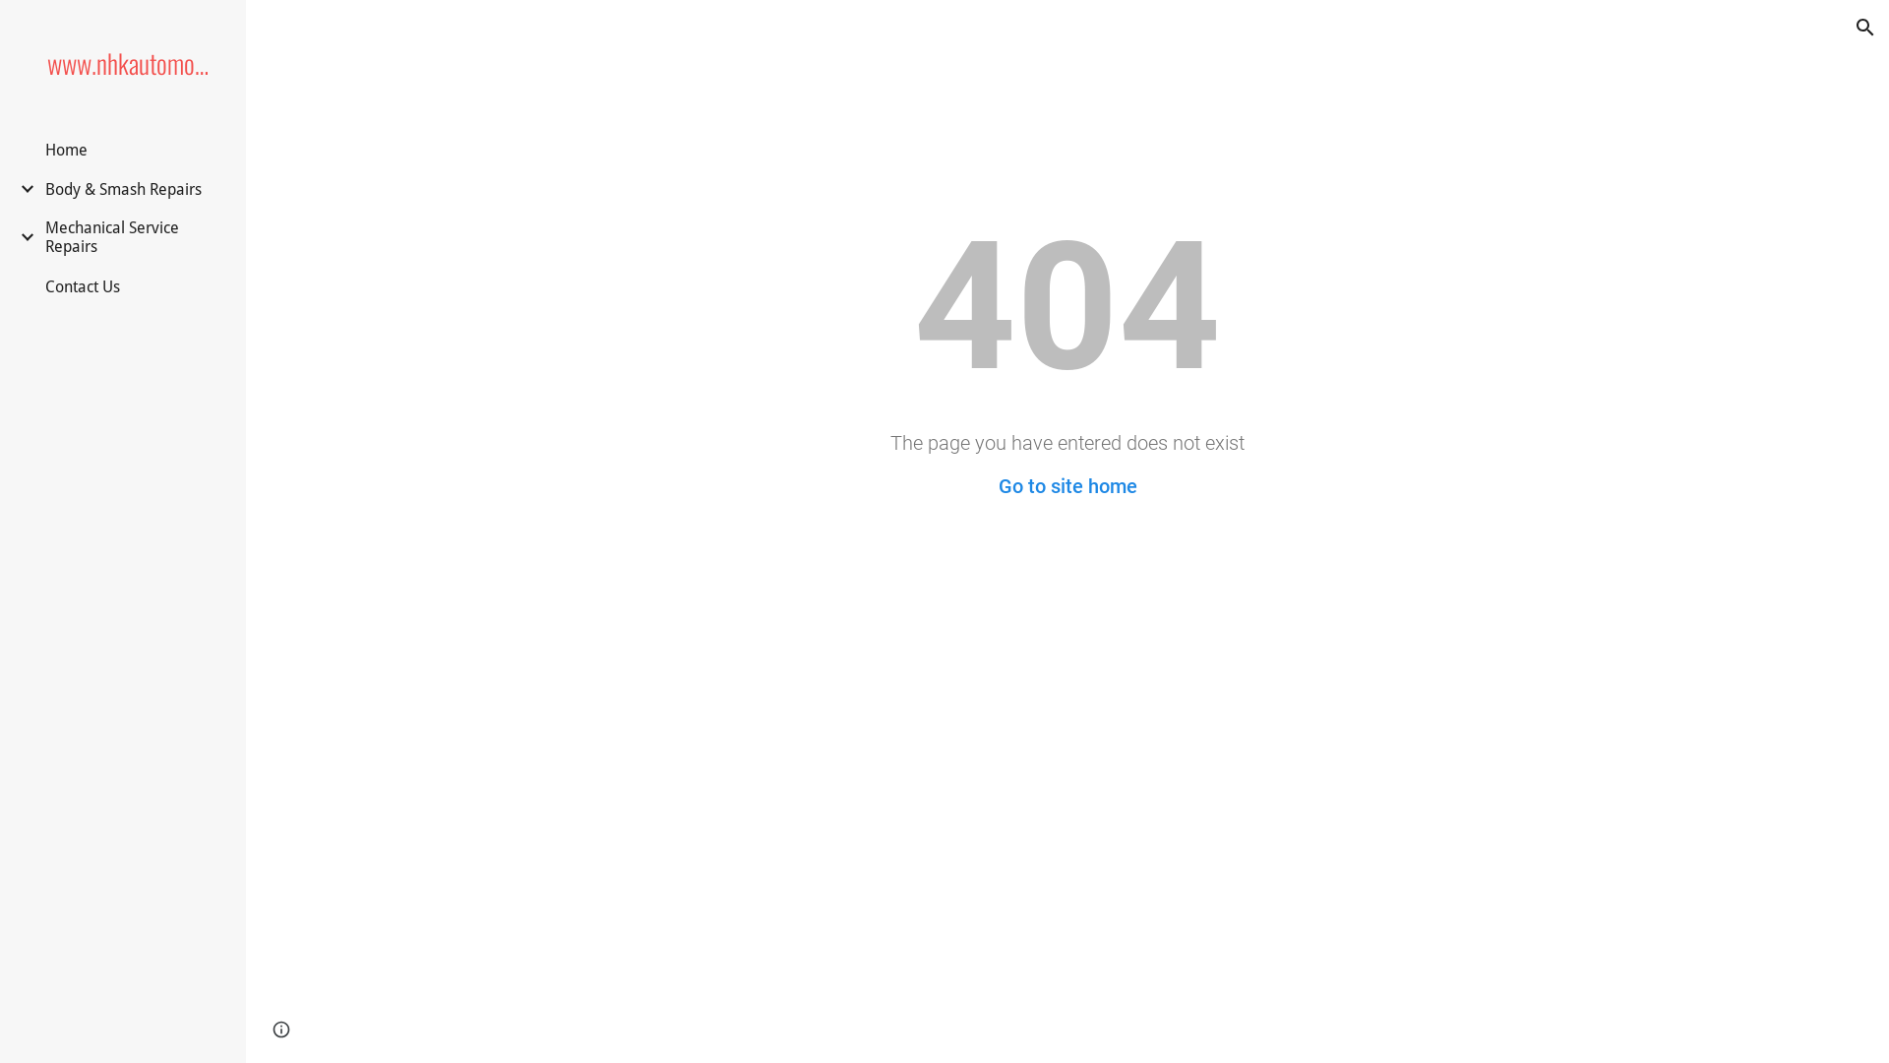 This screenshot has height=1063, width=1889. What do you see at coordinates (81, 286) in the screenshot?
I see `'Contact Us'` at bounding box center [81, 286].